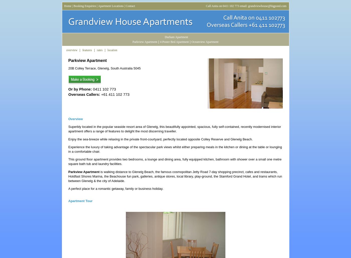  Describe the element at coordinates (160, 139) in the screenshot. I see `'Enjoy  the sea-breeze while relaxing in the private front-courtyard, perfectly located  opposite Colley Reserve and Glenelg   Beach.'` at that location.